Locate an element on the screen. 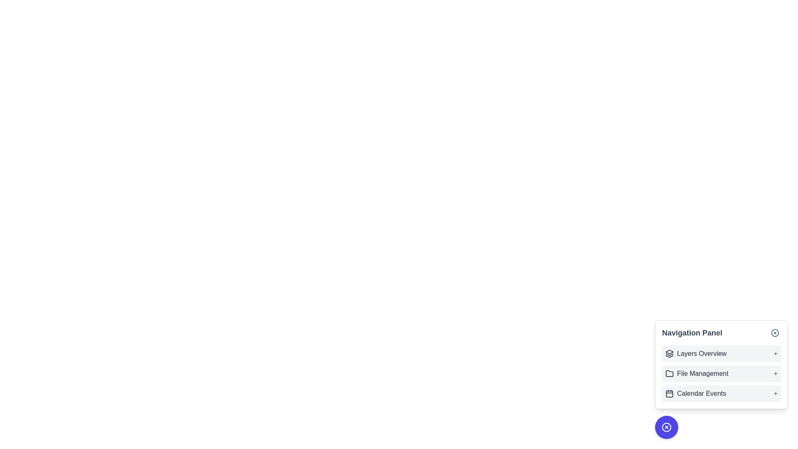  the icon depicting a layered structure with a gray outline, located to the left of 'Layers Overview' in the navigation menu is located at coordinates (670, 354).